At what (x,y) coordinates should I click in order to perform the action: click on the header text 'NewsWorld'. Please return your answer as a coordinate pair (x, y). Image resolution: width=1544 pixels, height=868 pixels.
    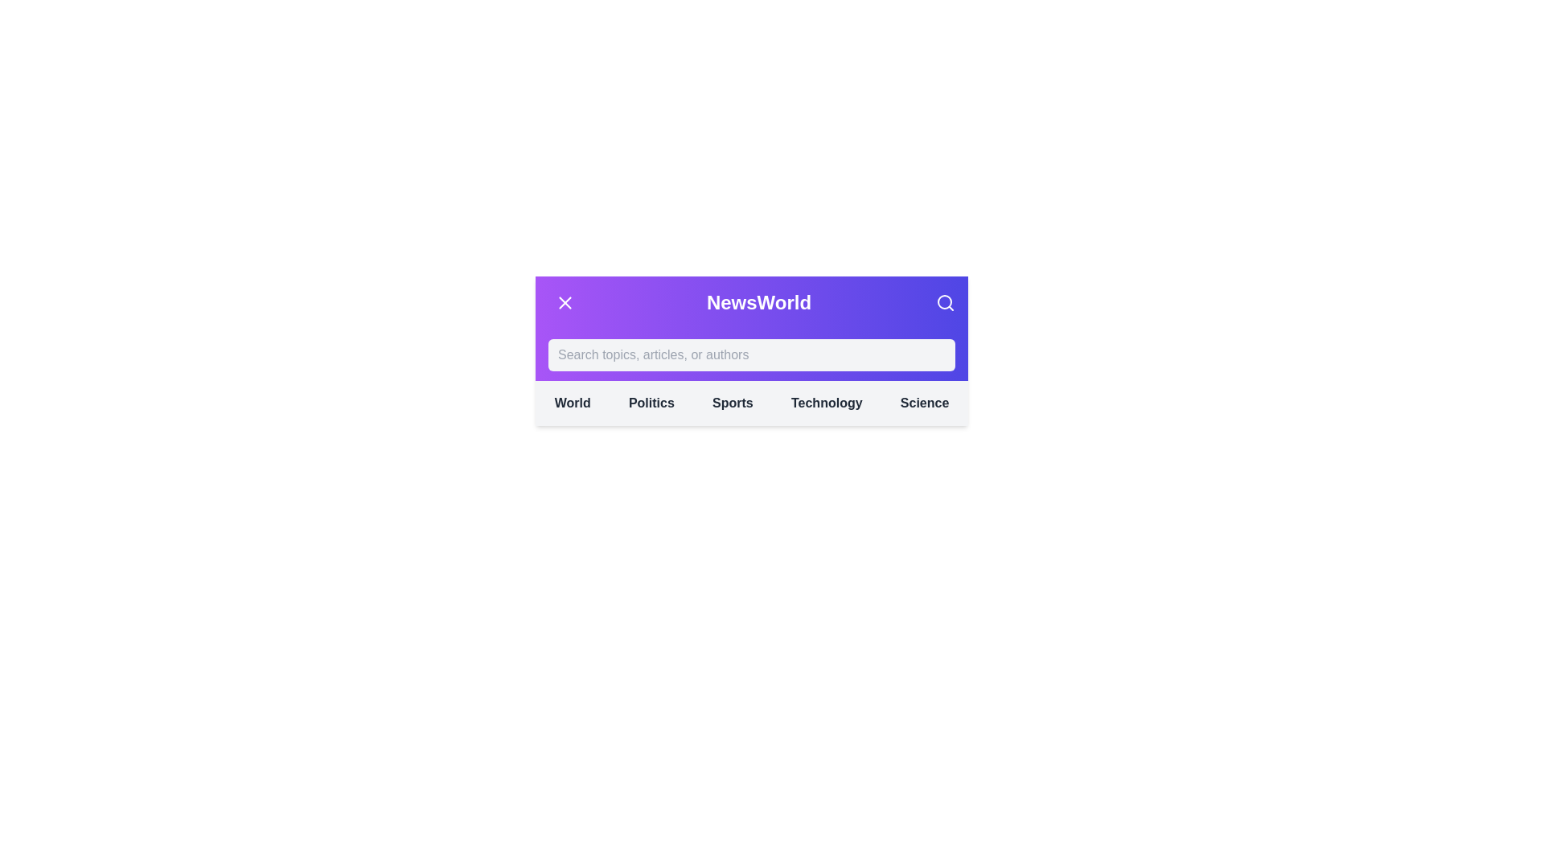
    Looking at the image, I should click on (758, 303).